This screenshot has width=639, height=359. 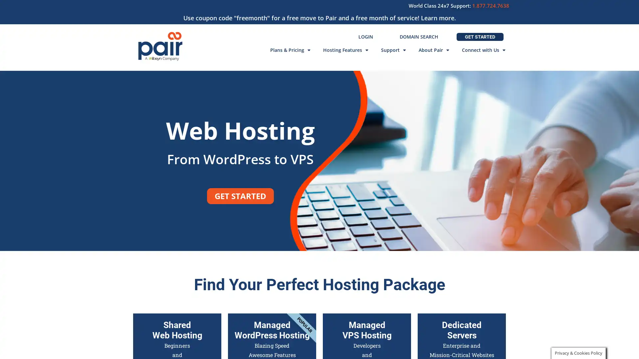 I want to click on DOMAIN SEARCH, so click(x=418, y=37).